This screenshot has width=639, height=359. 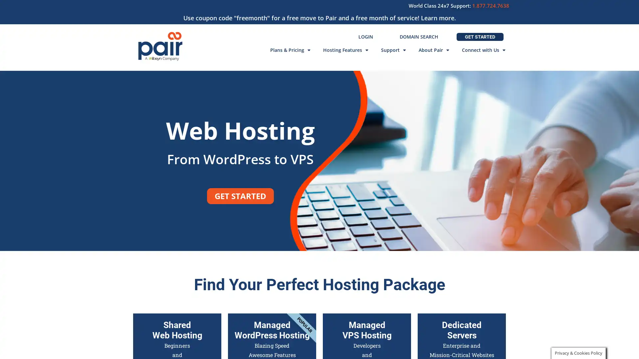 I want to click on DOMAIN SEARCH, so click(x=418, y=37).